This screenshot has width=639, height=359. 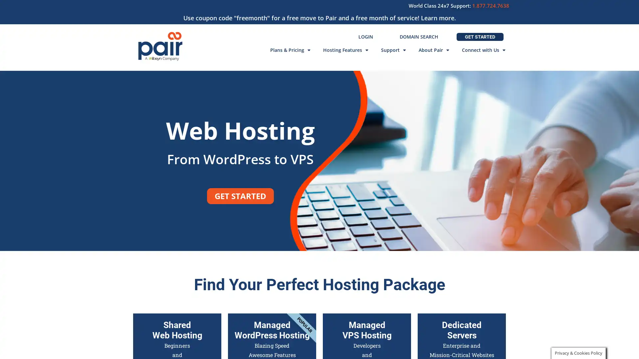 I want to click on DOMAIN SEARCH, so click(x=418, y=37).